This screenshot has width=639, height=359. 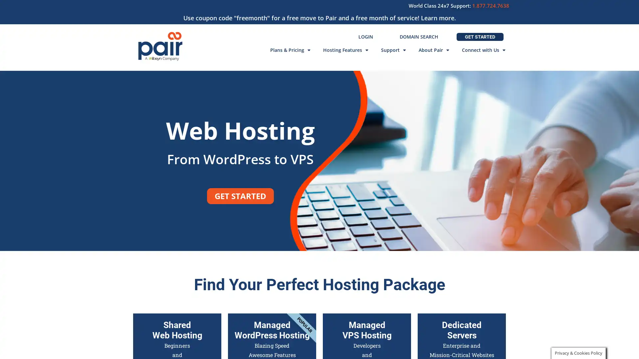 I want to click on DOMAIN SEARCH, so click(x=418, y=37).